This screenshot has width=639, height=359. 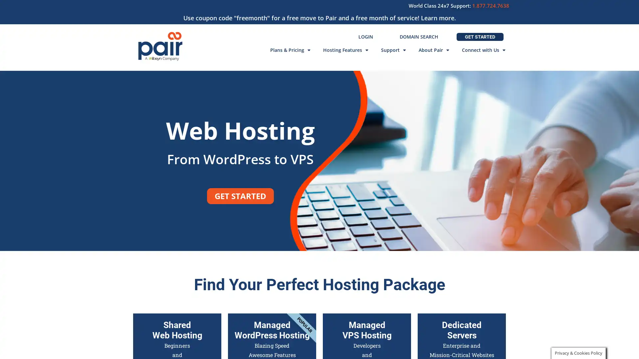 I want to click on DOMAIN SEARCH, so click(x=418, y=37).